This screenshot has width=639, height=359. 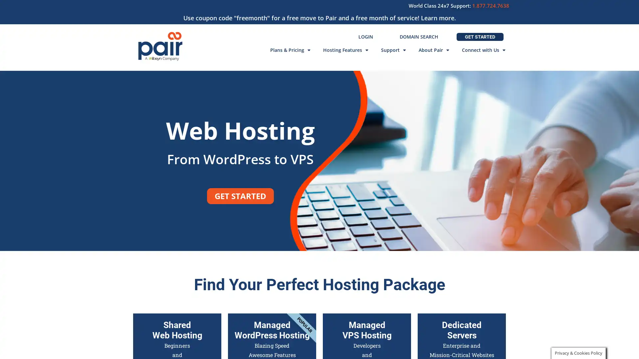 I want to click on DOMAIN SEARCH, so click(x=418, y=37).